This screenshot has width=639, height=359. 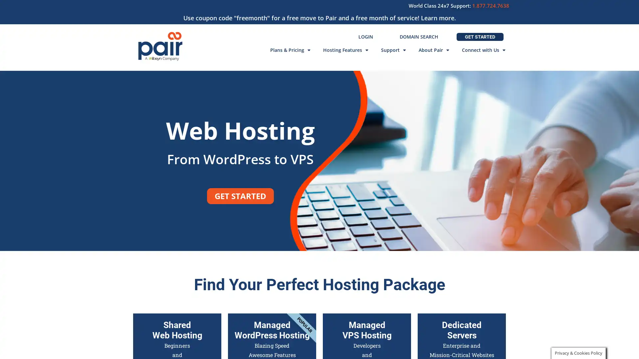 I want to click on DOMAIN SEARCH, so click(x=418, y=37).